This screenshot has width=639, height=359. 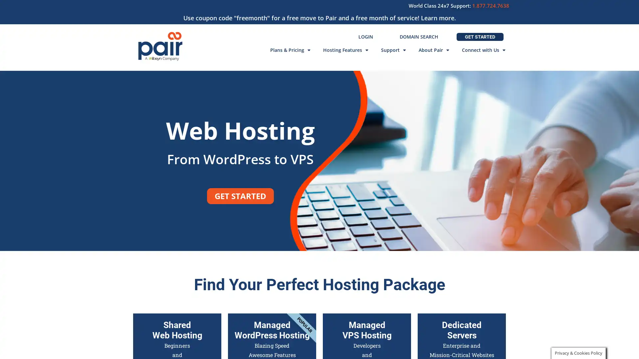 I want to click on DOMAIN SEARCH, so click(x=418, y=37).